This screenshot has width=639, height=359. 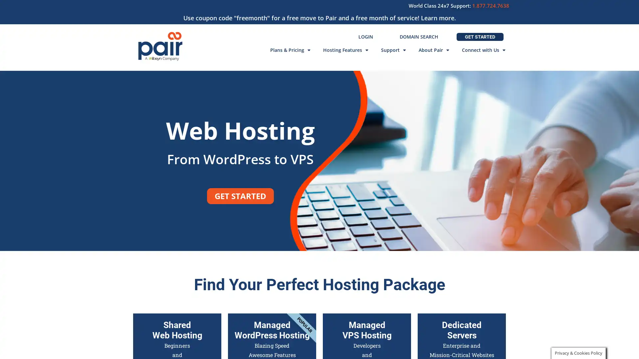 I want to click on DOMAIN SEARCH, so click(x=418, y=37).